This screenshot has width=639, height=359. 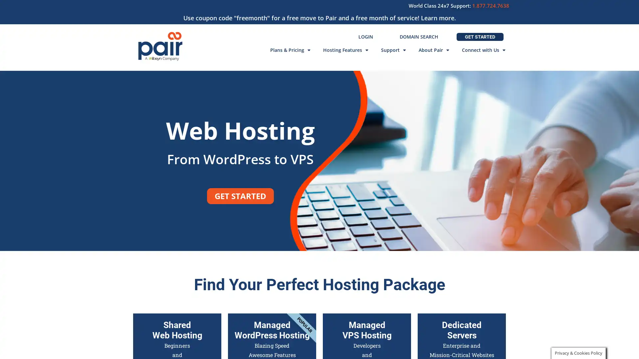 I want to click on DOMAIN SEARCH, so click(x=418, y=37).